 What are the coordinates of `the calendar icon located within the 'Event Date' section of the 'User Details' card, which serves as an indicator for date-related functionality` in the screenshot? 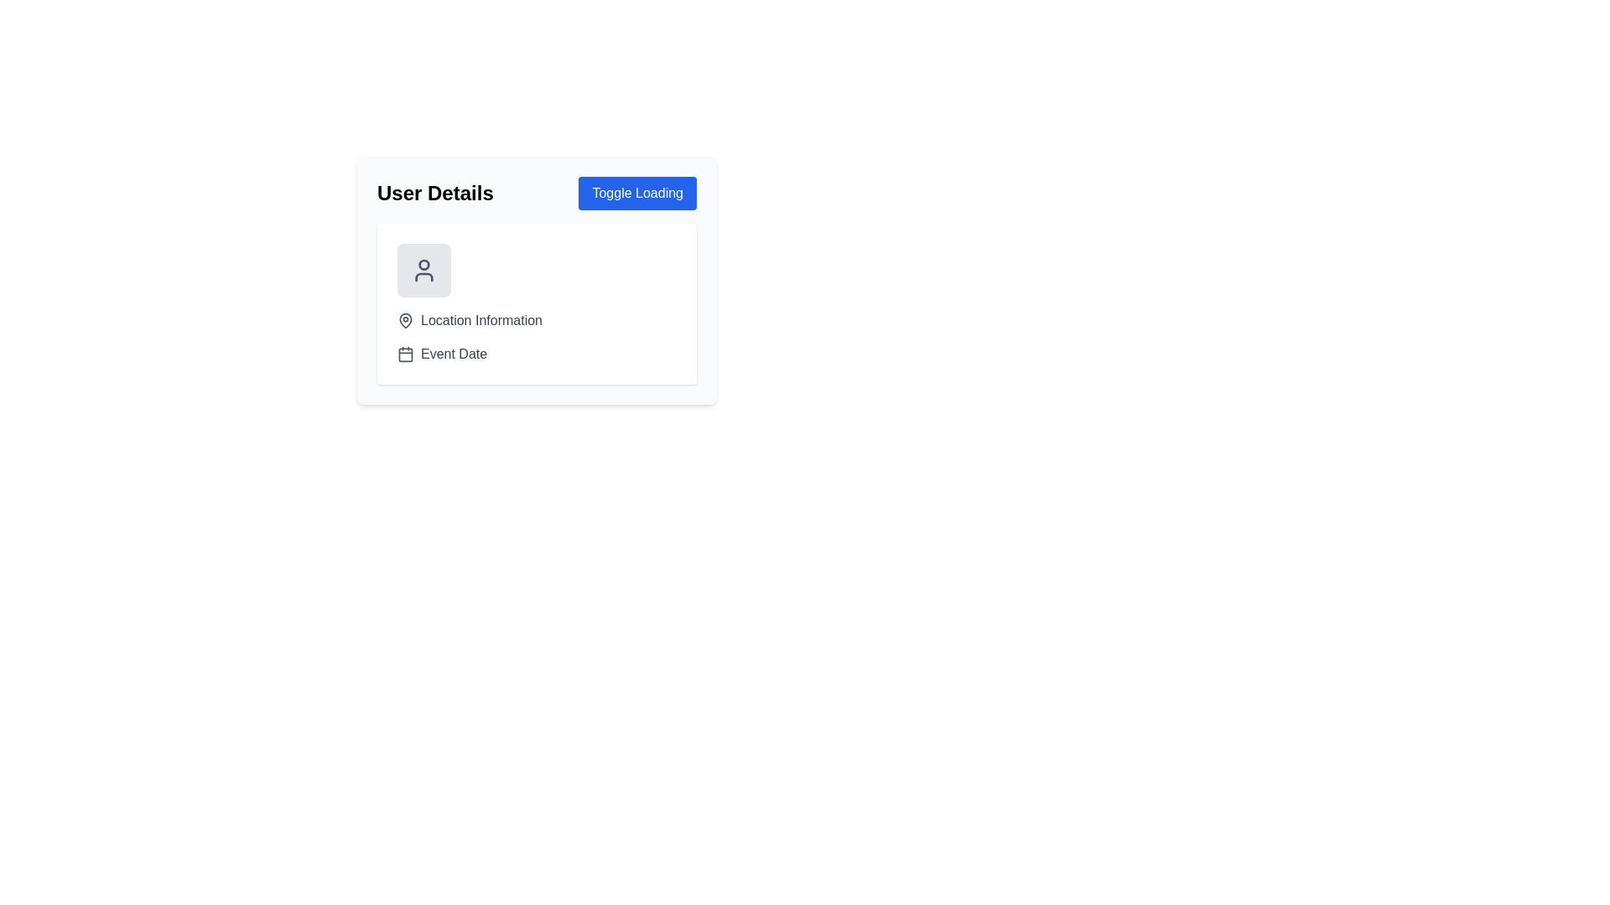 It's located at (406, 354).